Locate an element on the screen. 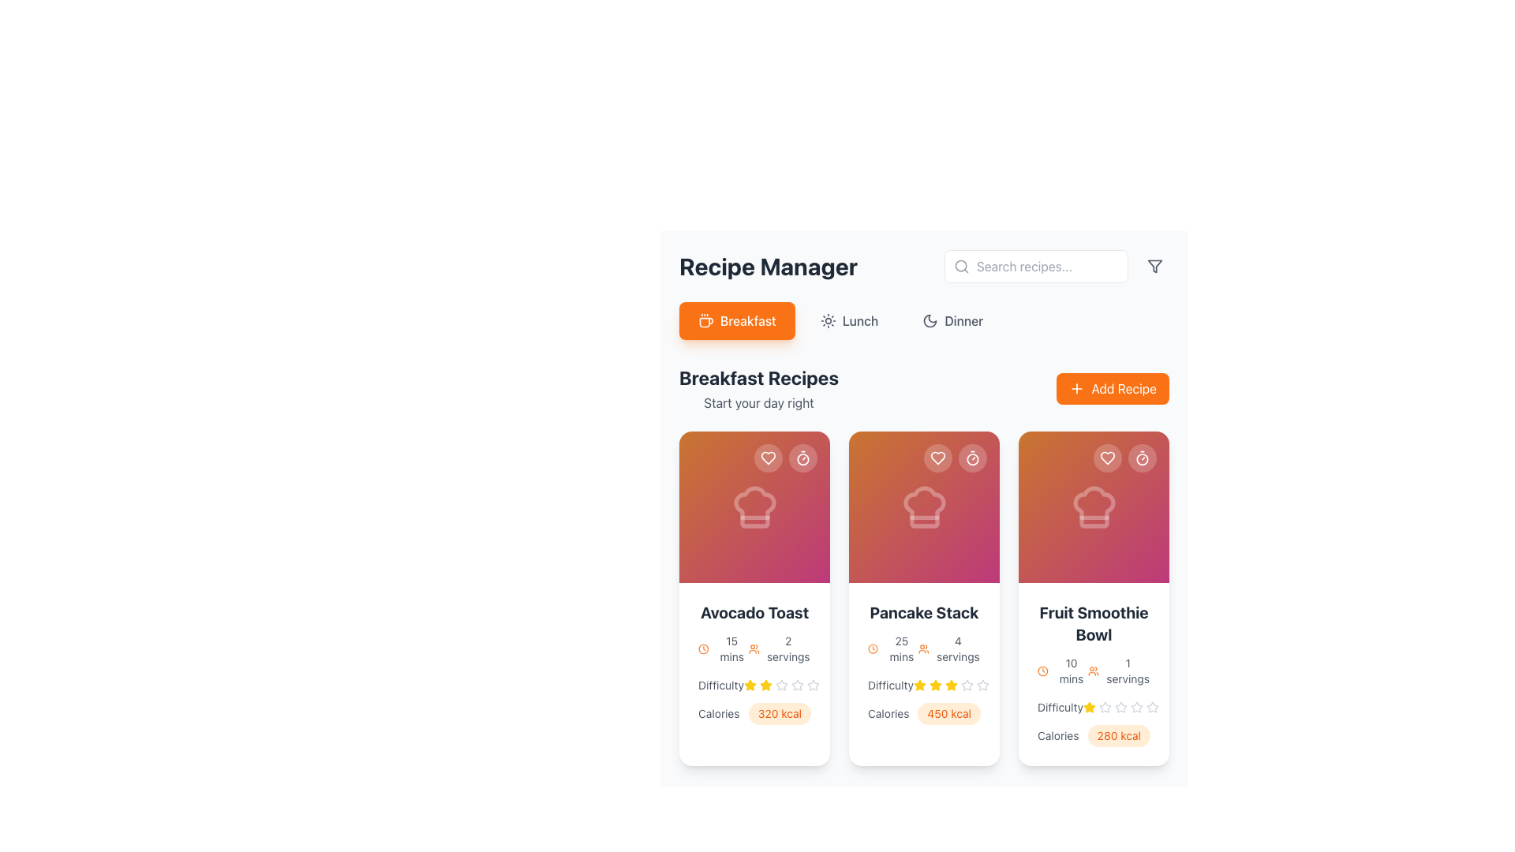 The width and height of the screenshot is (1515, 852). the Text block that serves as the header and subtitle for the breakfast recipes section, located beneath the 'Breakfast' button and aligned with the 'Add Recipe' button is located at coordinates (758, 389).